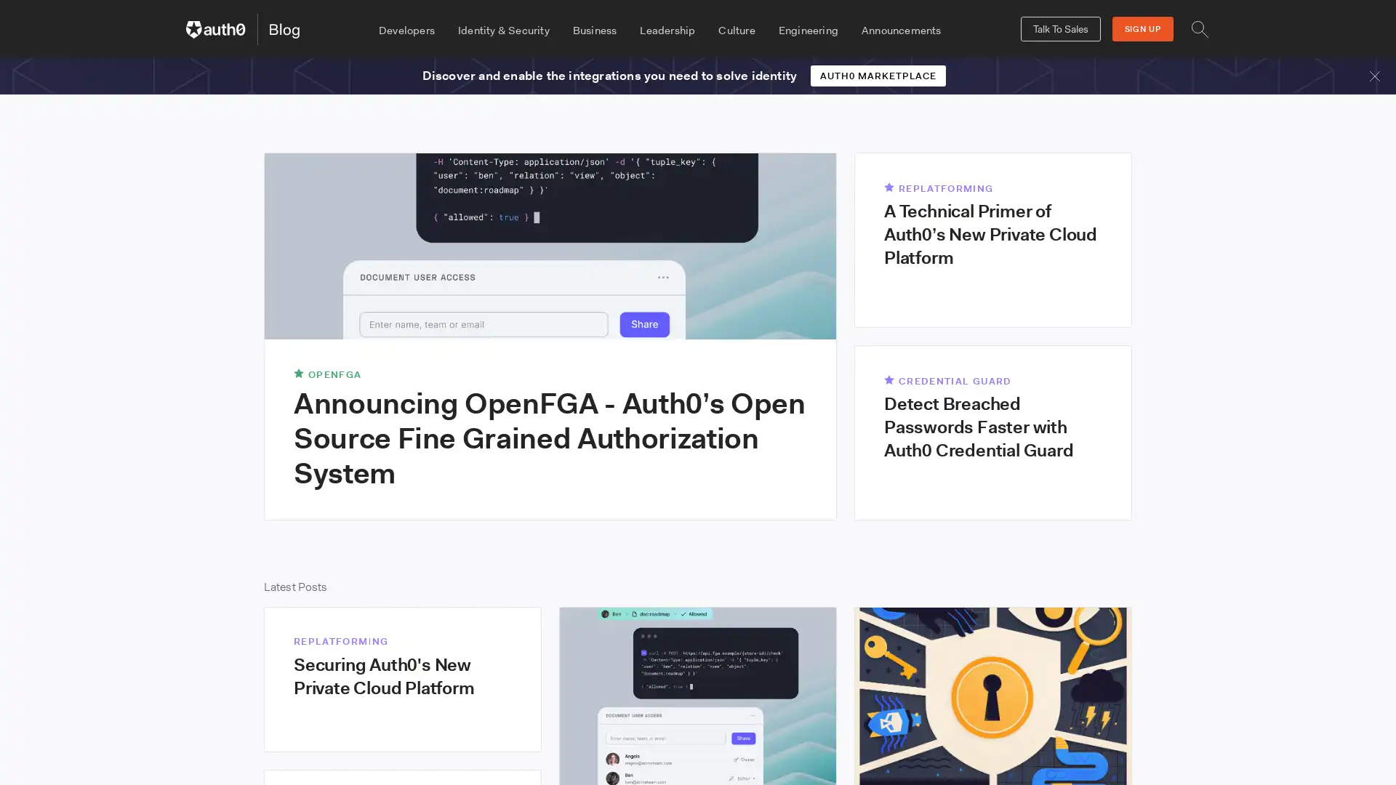 This screenshot has width=1396, height=785. What do you see at coordinates (1060, 28) in the screenshot?
I see `Talk To Sales` at bounding box center [1060, 28].